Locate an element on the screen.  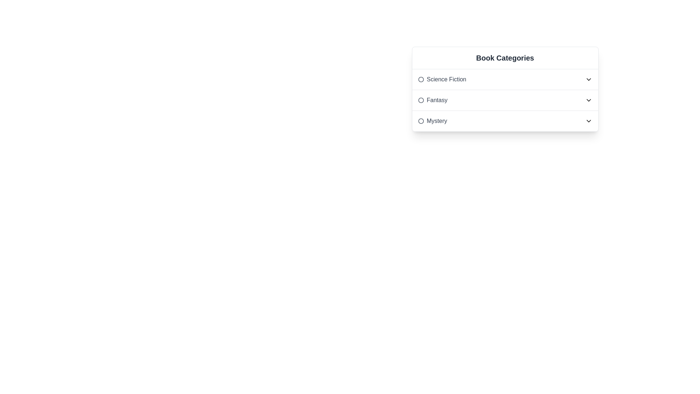
the 'Science Fiction' text label and accompanying icon is located at coordinates (442, 80).